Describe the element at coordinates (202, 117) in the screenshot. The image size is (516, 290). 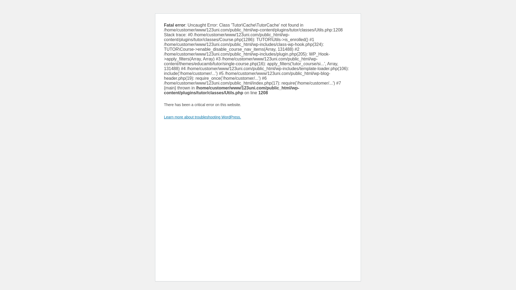
I see `'Learn more about troubleshooting WordPress.'` at that location.